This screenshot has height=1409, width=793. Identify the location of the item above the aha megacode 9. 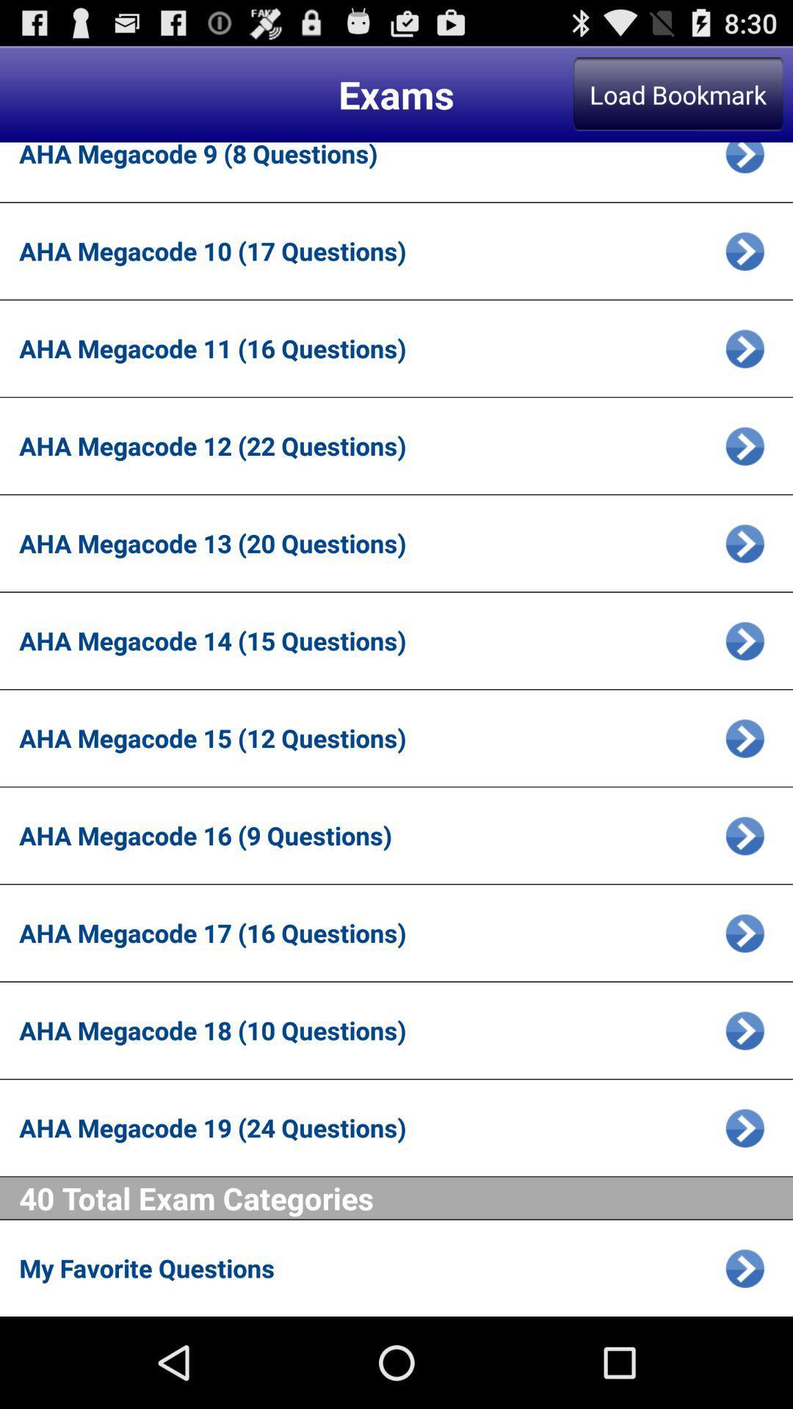
(678, 93).